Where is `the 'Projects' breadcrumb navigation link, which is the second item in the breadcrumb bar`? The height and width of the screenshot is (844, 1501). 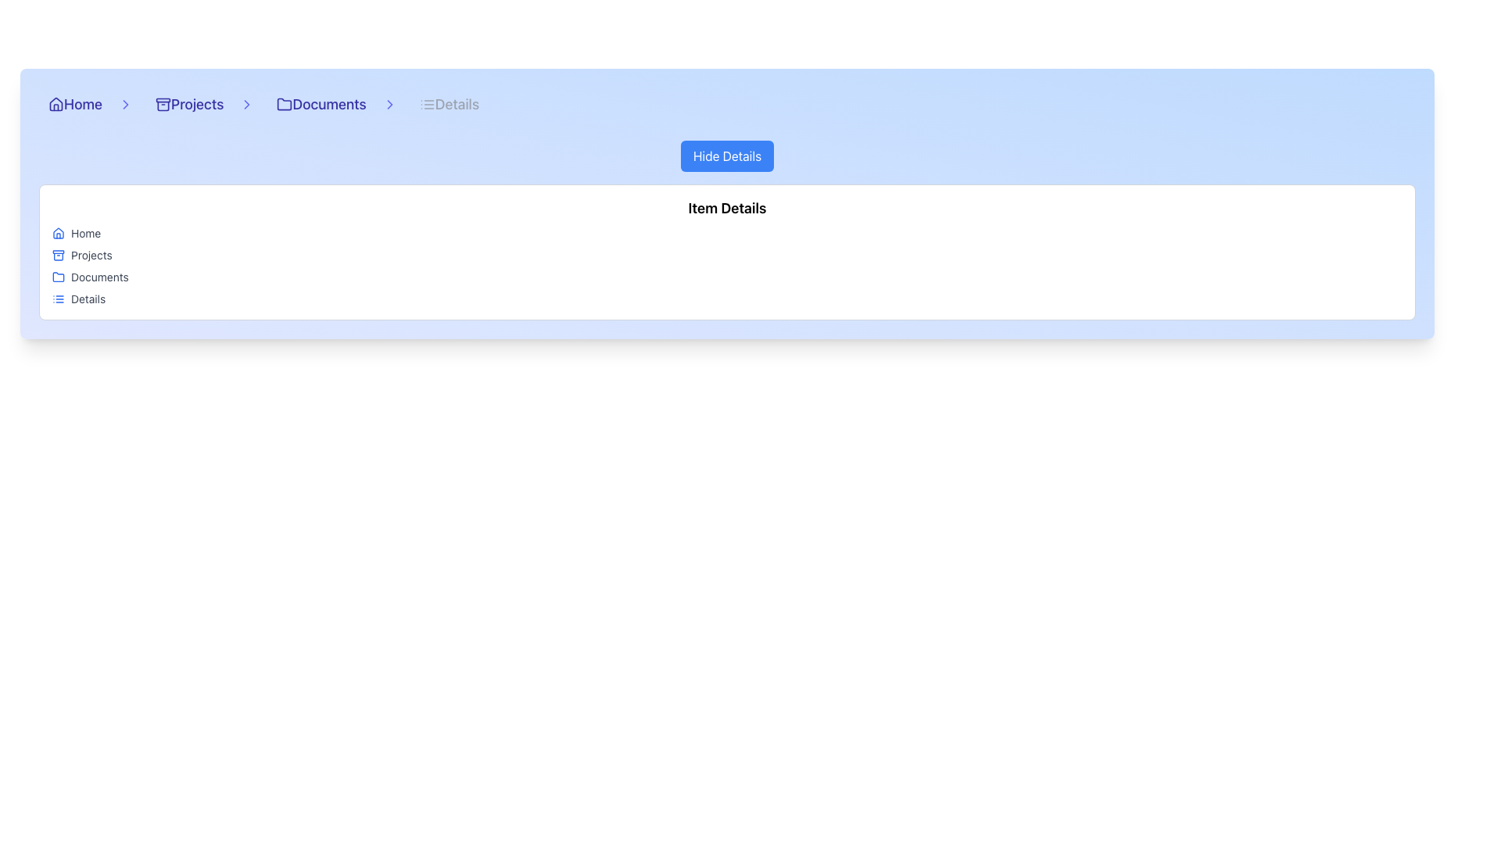 the 'Projects' breadcrumb navigation link, which is the second item in the breadcrumb bar is located at coordinates (199, 105).